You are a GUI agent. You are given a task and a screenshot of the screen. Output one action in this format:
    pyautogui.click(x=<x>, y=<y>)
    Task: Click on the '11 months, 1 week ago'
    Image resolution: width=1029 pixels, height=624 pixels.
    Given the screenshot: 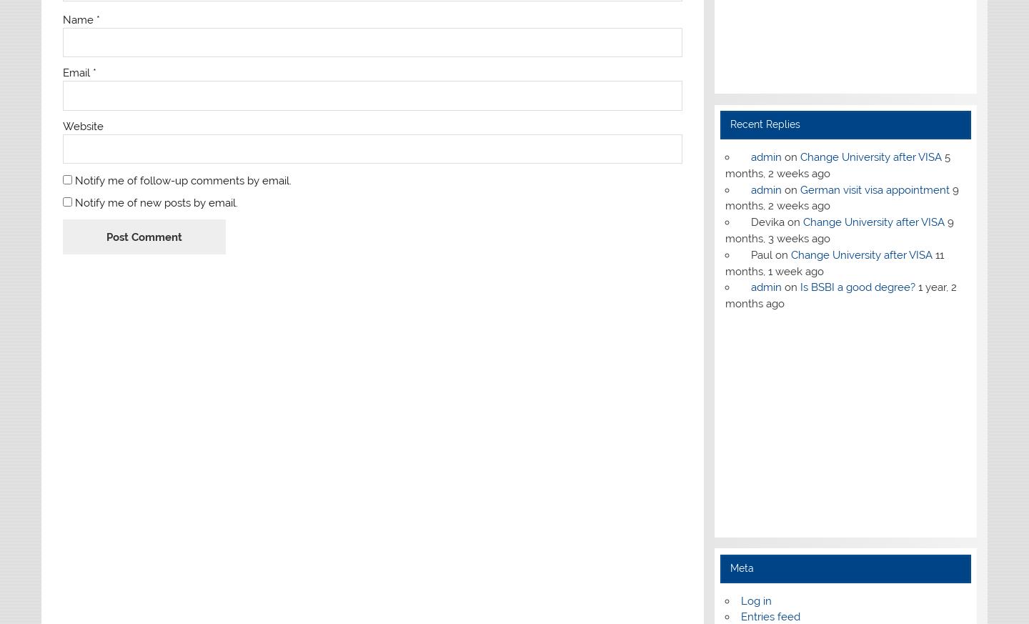 What is the action you would take?
    pyautogui.click(x=834, y=262)
    